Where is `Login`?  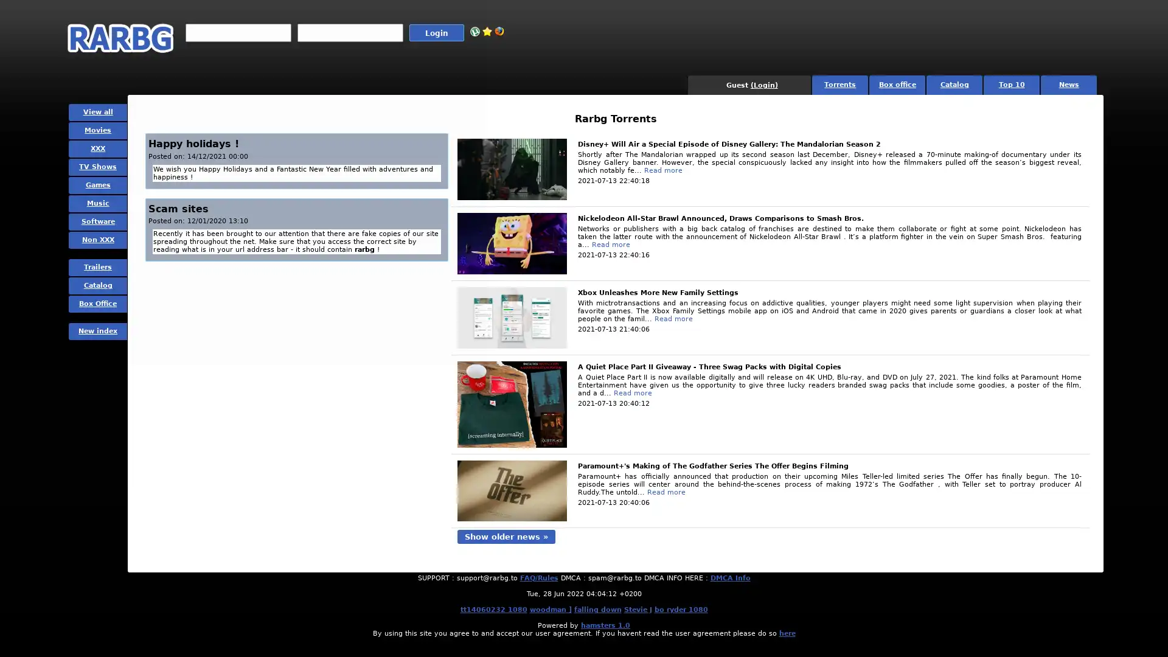
Login is located at coordinates (437, 32).